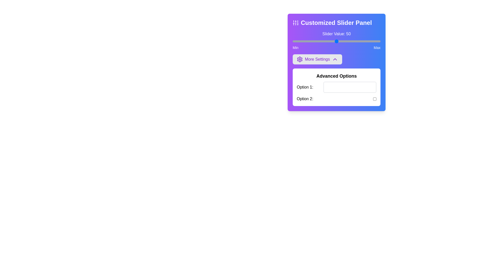 The height and width of the screenshot is (274, 487). What do you see at coordinates (373, 41) in the screenshot?
I see `the slider's value` at bounding box center [373, 41].